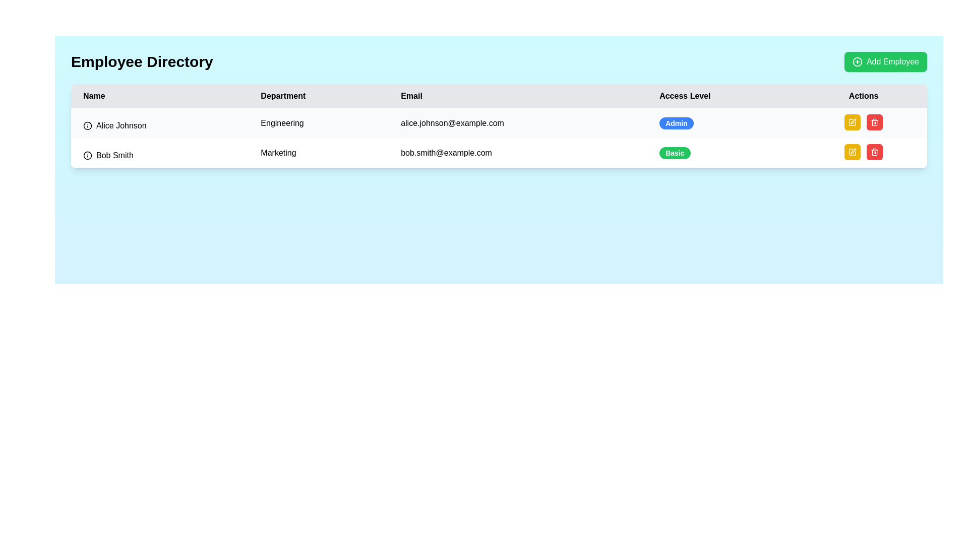 This screenshot has height=544, width=968. Describe the element at coordinates (874, 122) in the screenshot. I see `the circular red trash icon button located in the rightmost section of Bob Smith's row under the 'Actions' column` at that location.